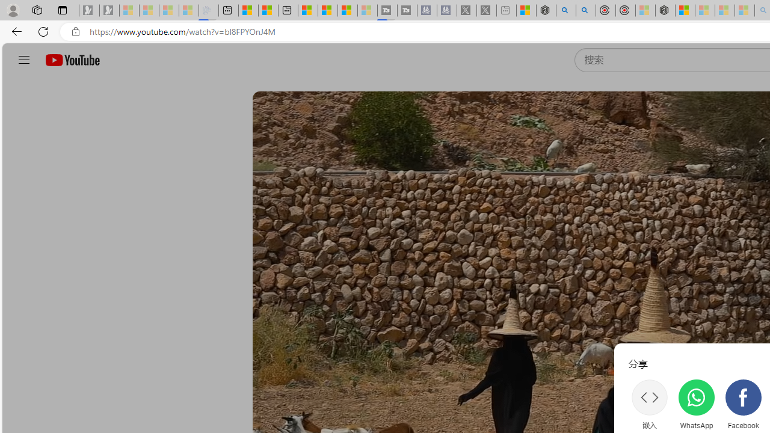  What do you see at coordinates (665, 10) in the screenshot?
I see `'Nordace - Nordace Siena Is Not An Ordinary Backpack'` at bounding box center [665, 10].